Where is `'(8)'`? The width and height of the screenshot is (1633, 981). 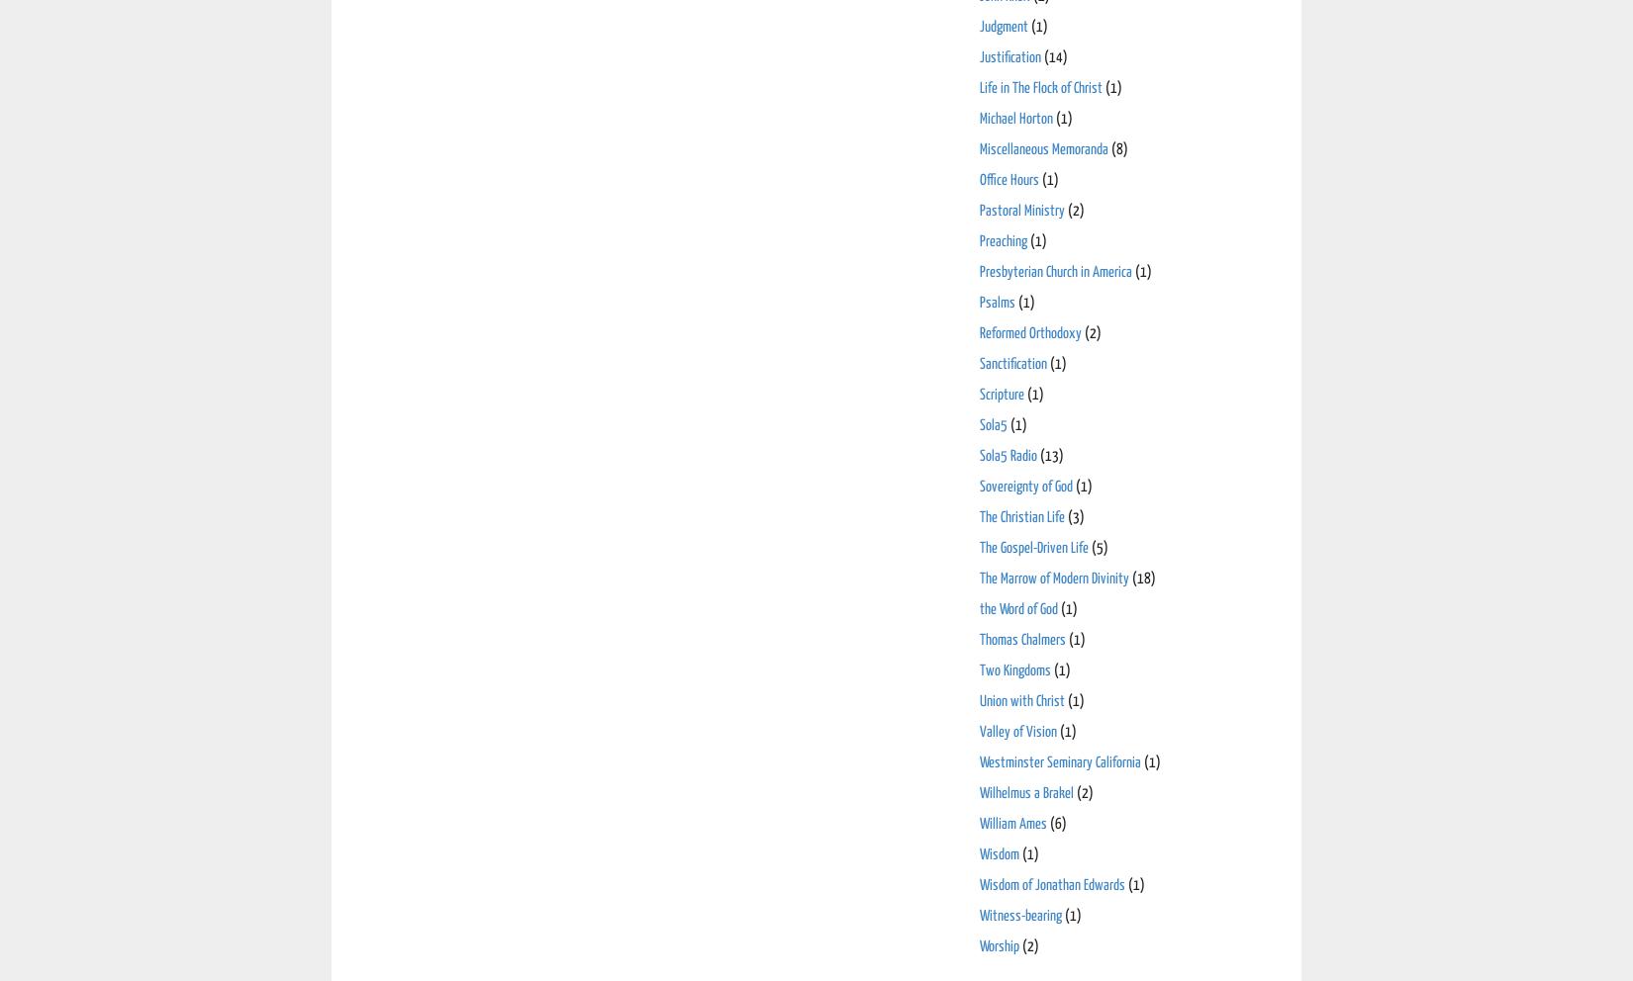
'(8)' is located at coordinates (1119, 148).